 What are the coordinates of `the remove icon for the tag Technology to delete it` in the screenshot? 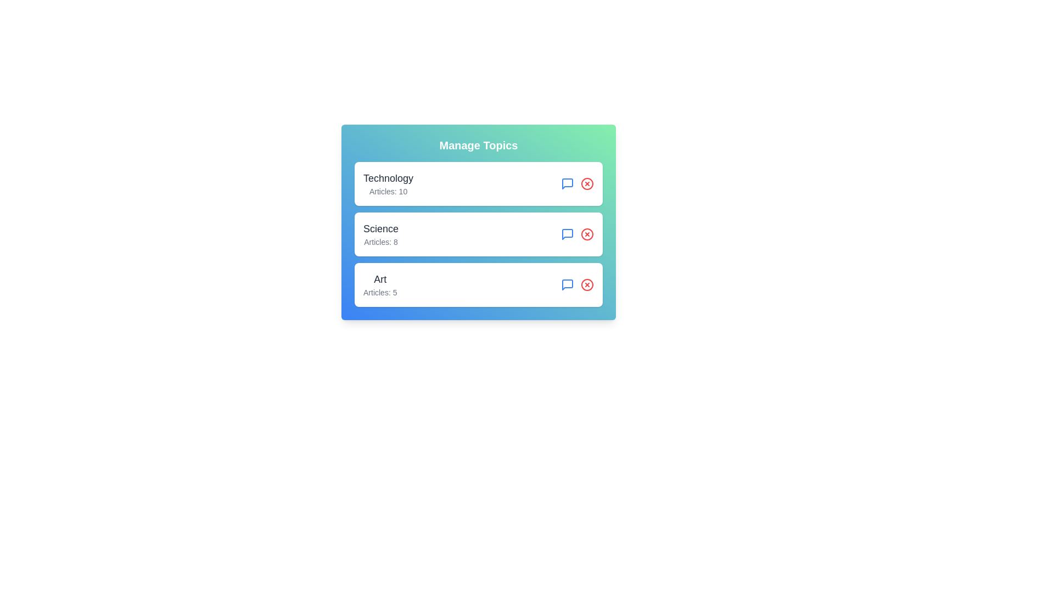 It's located at (587, 183).